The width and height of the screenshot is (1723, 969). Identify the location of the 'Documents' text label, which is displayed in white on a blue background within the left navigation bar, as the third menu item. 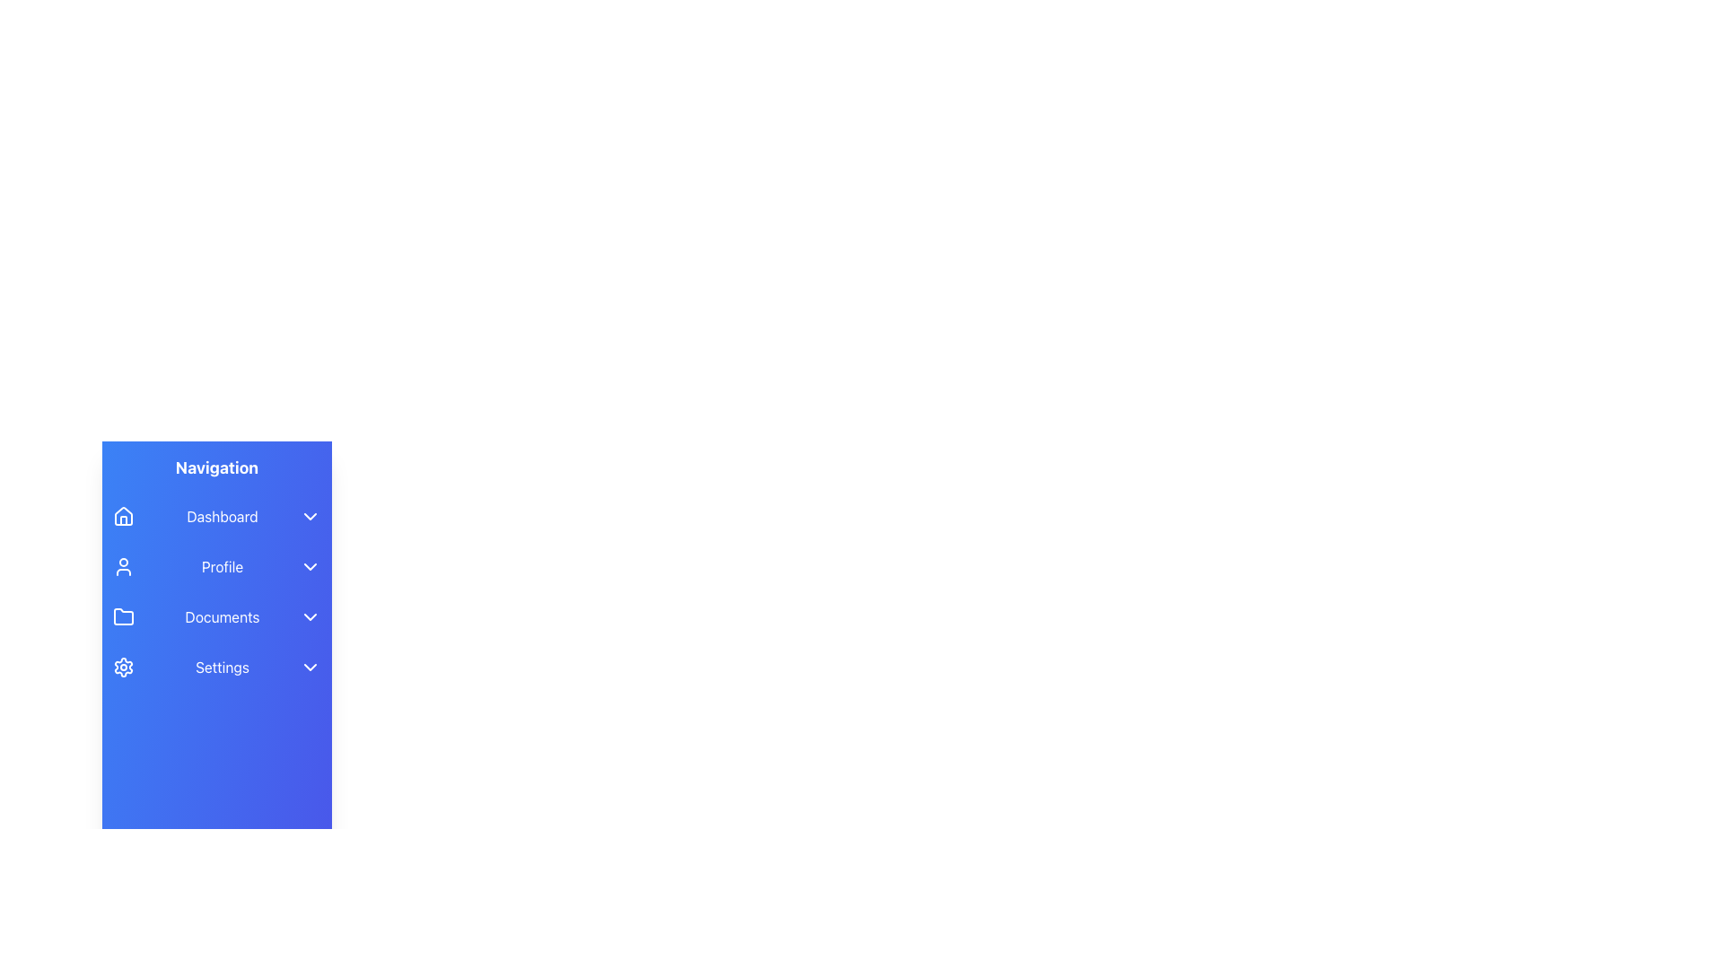
(222, 615).